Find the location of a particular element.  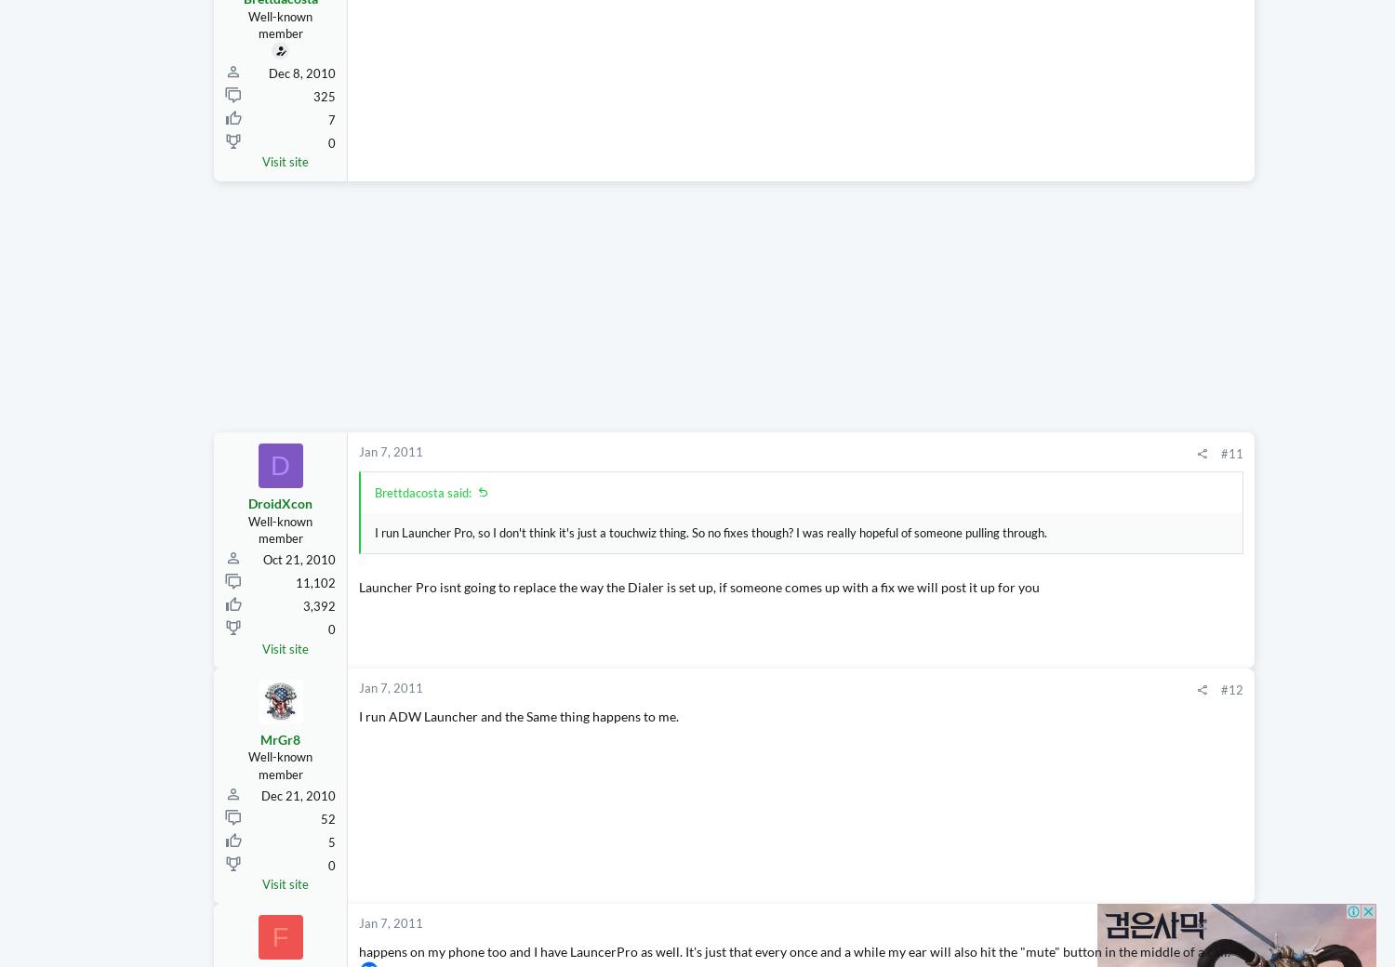

'Brettdacosta' is located at coordinates (280, 32).